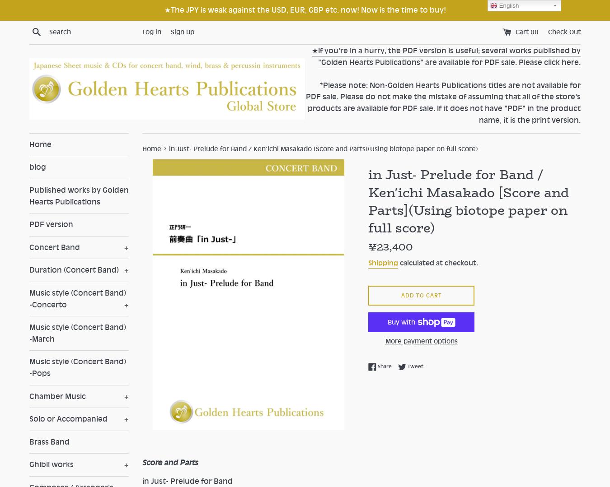  What do you see at coordinates (402, 321) in the screenshot?
I see `'Buy with'` at bounding box center [402, 321].